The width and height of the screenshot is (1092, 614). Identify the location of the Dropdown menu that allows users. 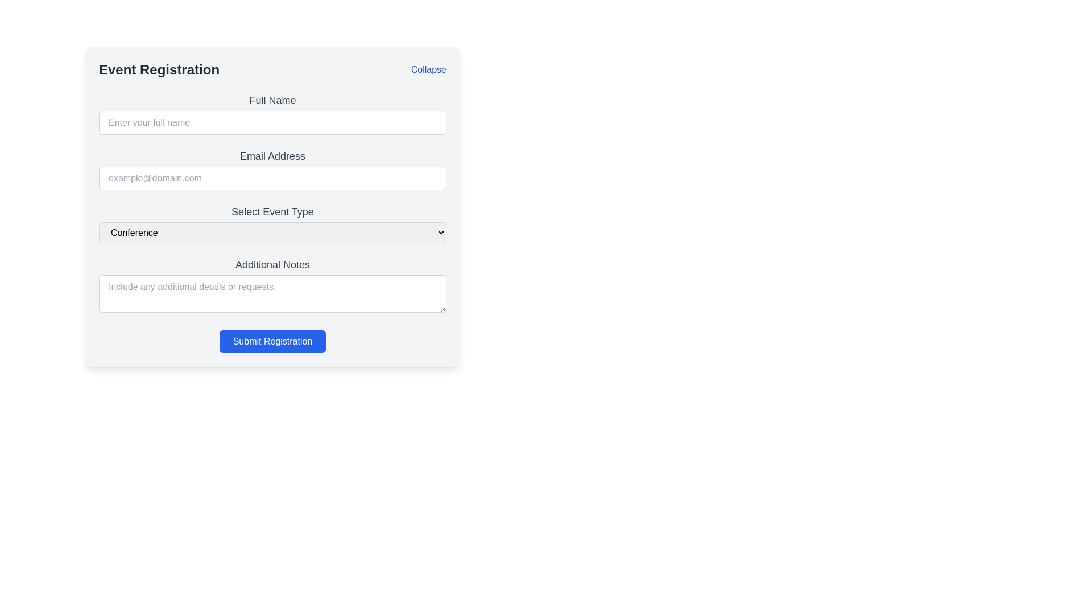
(272, 223).